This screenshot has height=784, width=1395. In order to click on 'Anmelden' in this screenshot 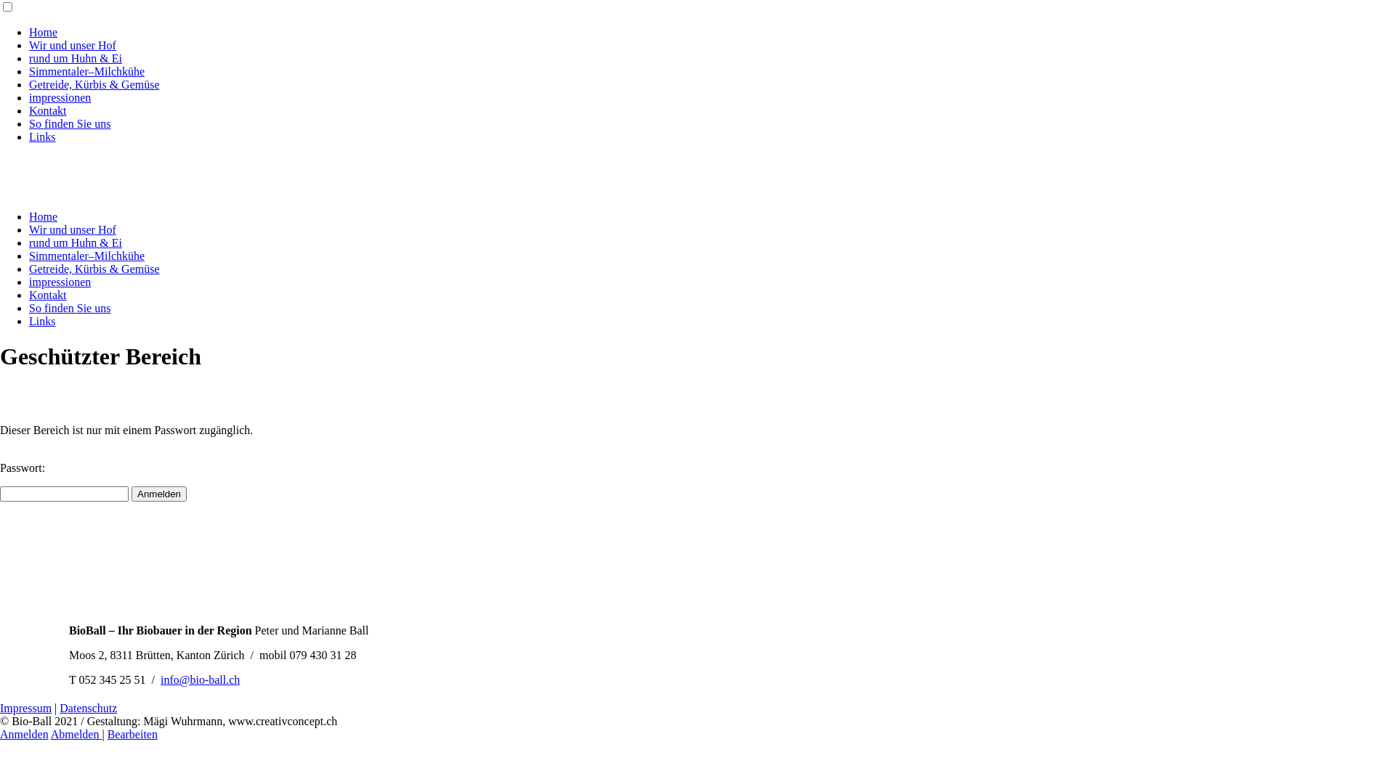, I will do `click(24, 734)`.